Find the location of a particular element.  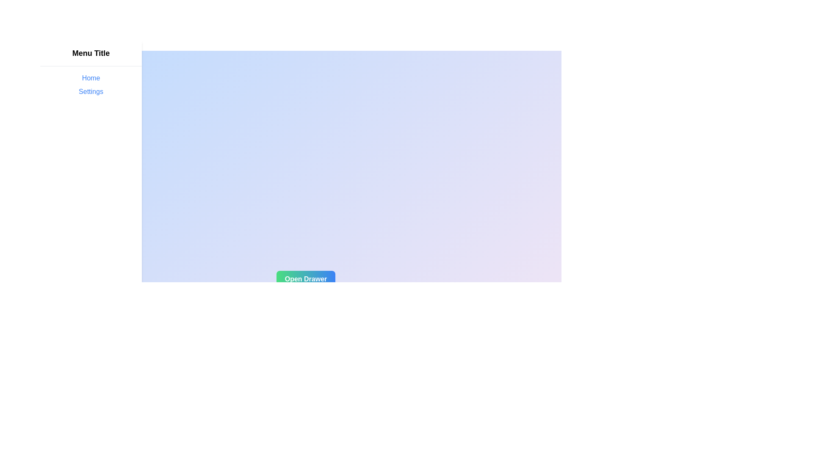

the 'Menu Title' text to select it is located at coordinates (91, 53).